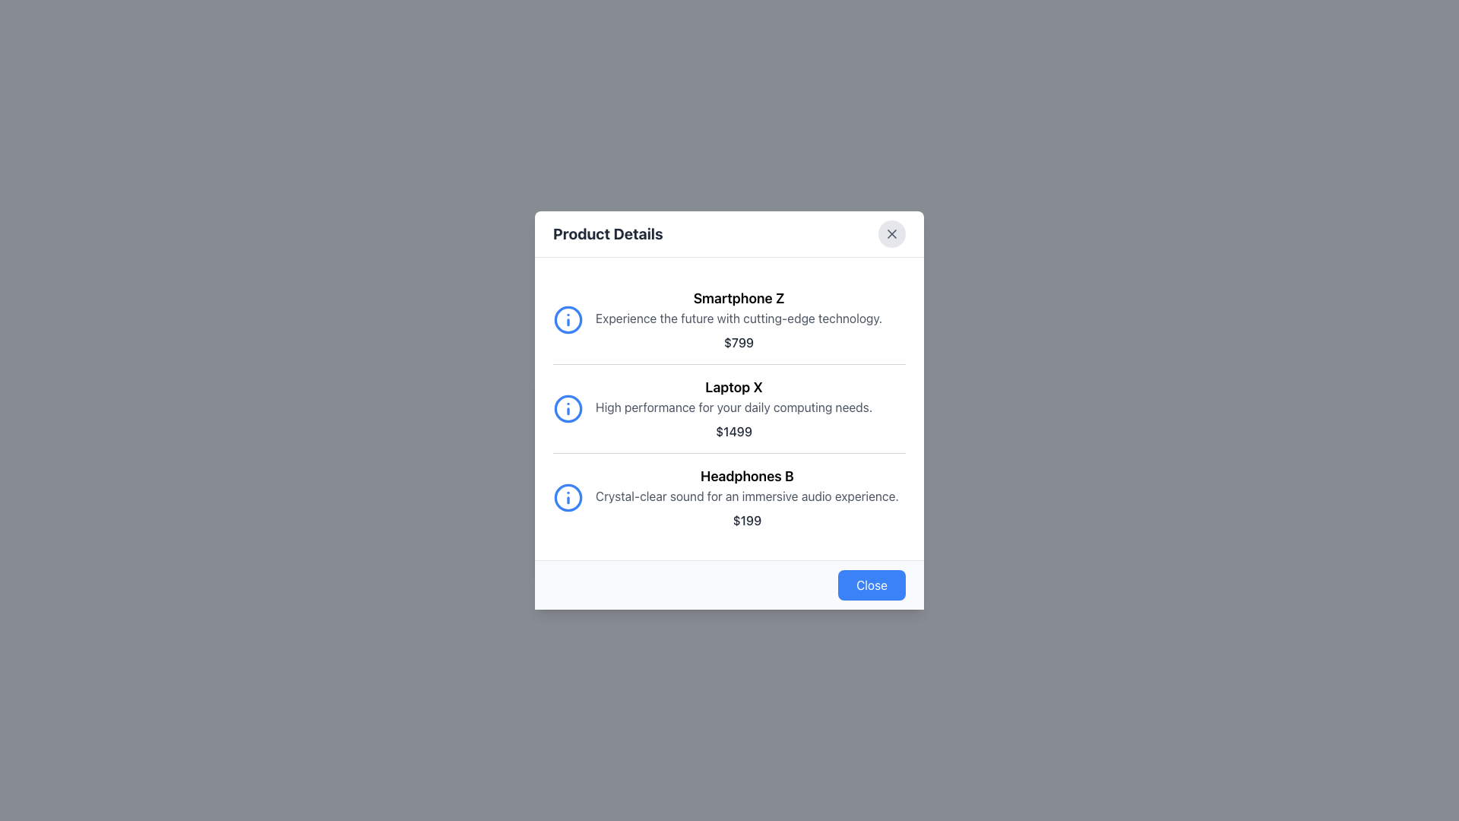 The width and height of the screenshot is (1459, 821). What do you see at coordinates (568, 498) in the screenshot?
I see `the circular 'i' icon with a blue color scheme next to the 'Headphones B' product description` at bounding box center [568, 498].